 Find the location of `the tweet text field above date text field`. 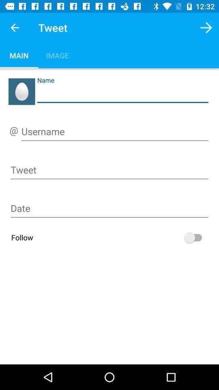

the tweet text field above date text field is located at coordinates (109, 171).